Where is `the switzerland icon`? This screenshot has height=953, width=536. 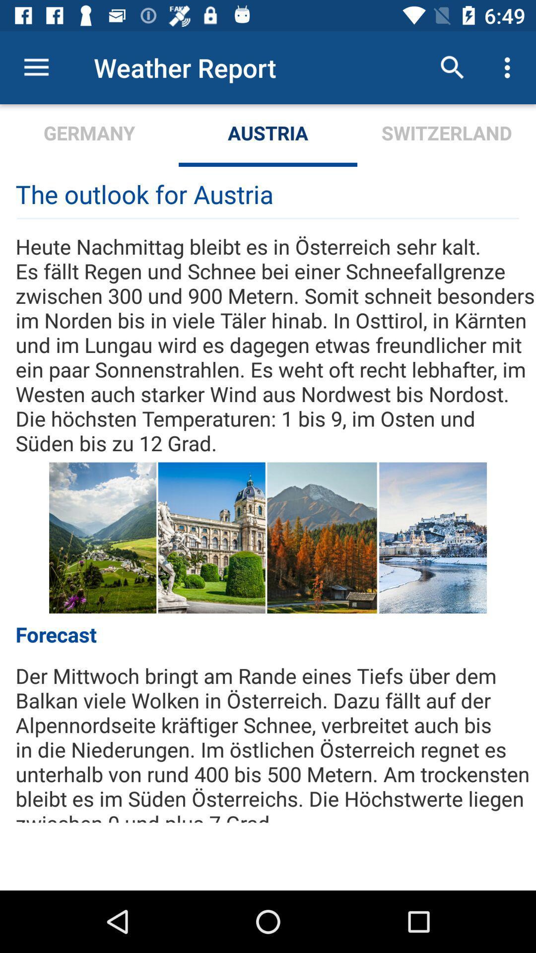 the switzerland icon is located at coordinates (446, 135).